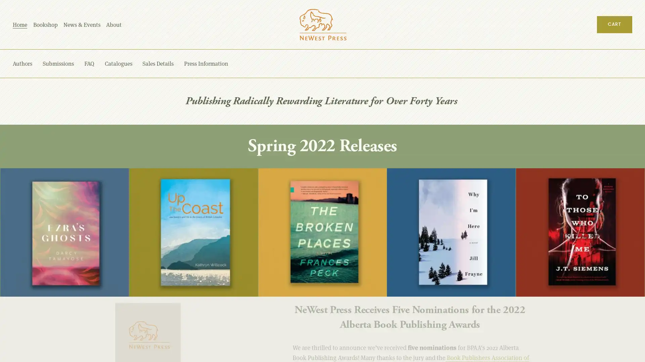 The height and width of the screenshot is (362, 645). Describe the element at coordinates (611, 184) in the screenshot. I see `Close` at that location.